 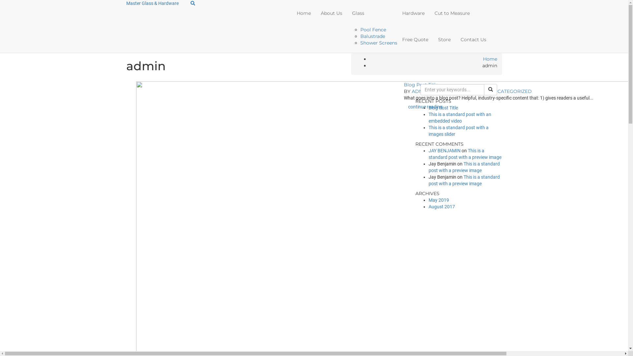 What do you see at coordinates (331, 13) in the screenshot?
I see `'About Us'` at bounding box center [331, 13].